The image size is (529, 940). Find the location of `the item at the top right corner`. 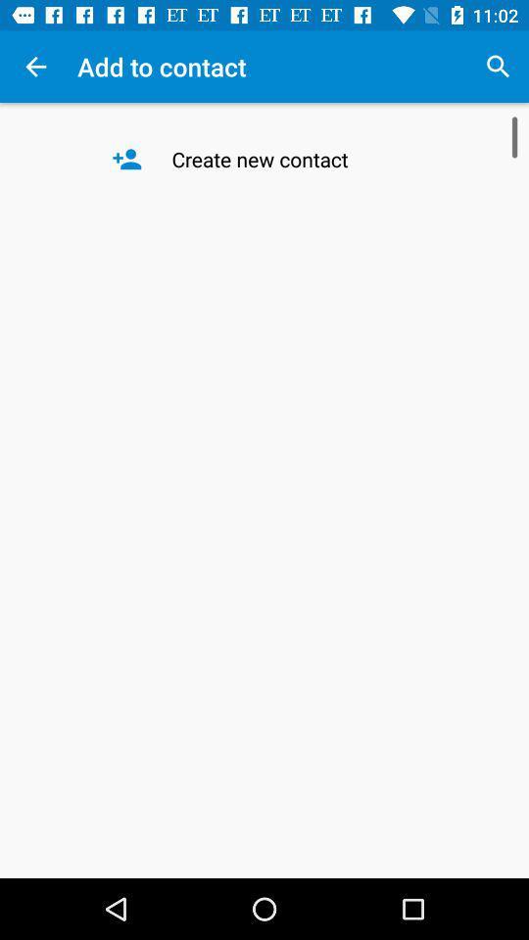

the item at the top right corner is located at coordinates (498, 67).